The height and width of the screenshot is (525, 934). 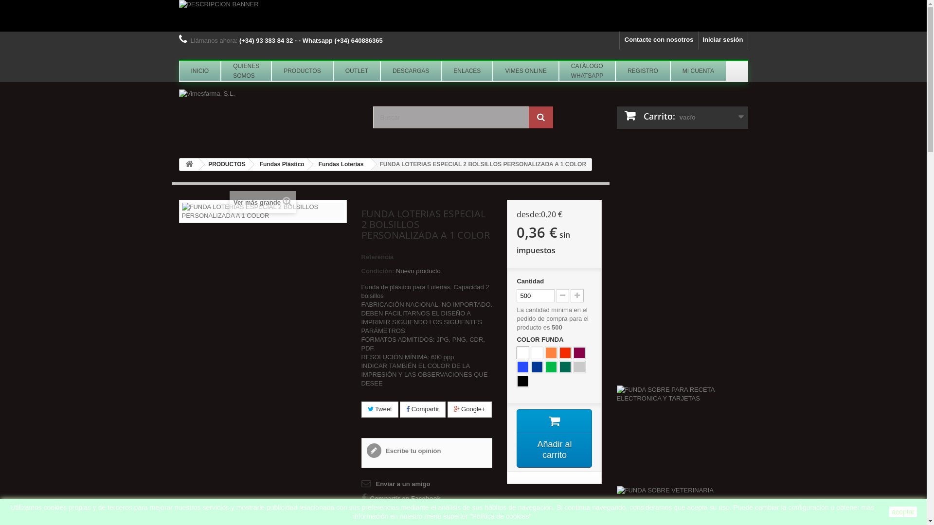 What do you see at coordinates (246, 70) in the screenshot?
I see `'QUIENES` at bounding box center [246, 70].